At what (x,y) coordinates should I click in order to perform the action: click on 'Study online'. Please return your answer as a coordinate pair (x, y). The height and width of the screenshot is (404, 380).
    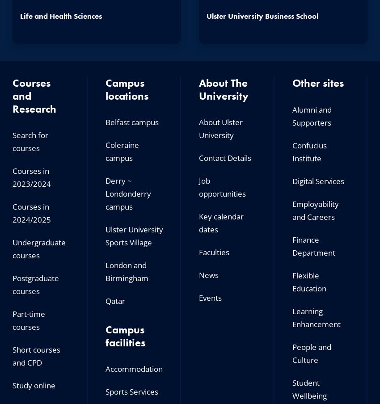
    Looking at the image, I should click on (12, 385).